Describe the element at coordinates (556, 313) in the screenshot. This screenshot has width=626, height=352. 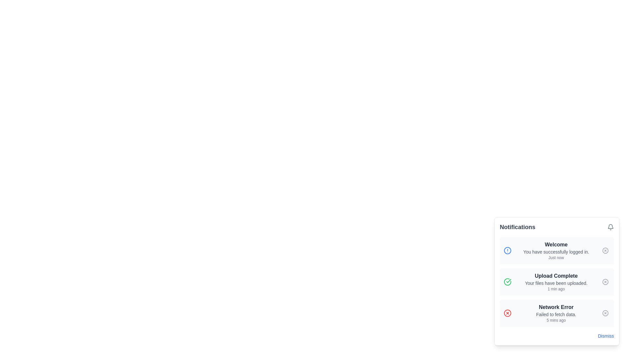
I see `the network error notification text block, which indicates a network error occurred 5 minutes ago, located between the 'Upload Complete' notification and the dismiss button` at that location.